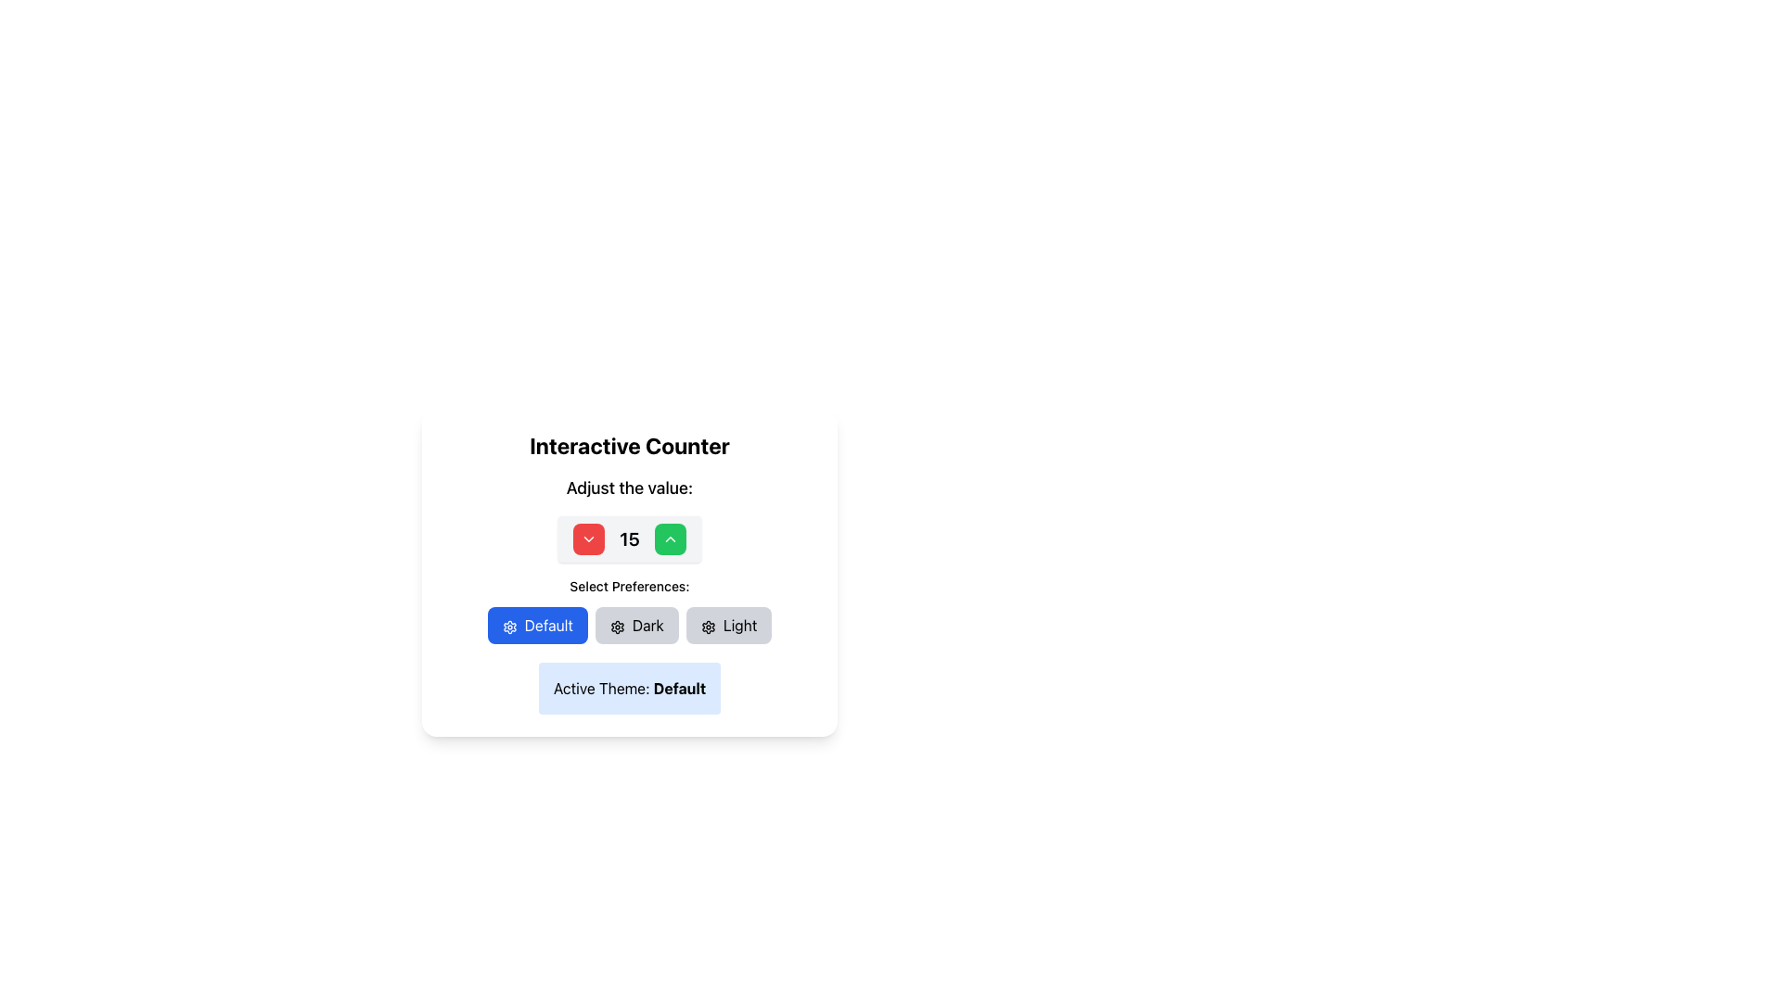  I want to click on the Graphical Icon that indicates the settings functionality, located under the 'Select Preferences' section between the 'Default' and 'Dark' buttons, so click(509, 626).